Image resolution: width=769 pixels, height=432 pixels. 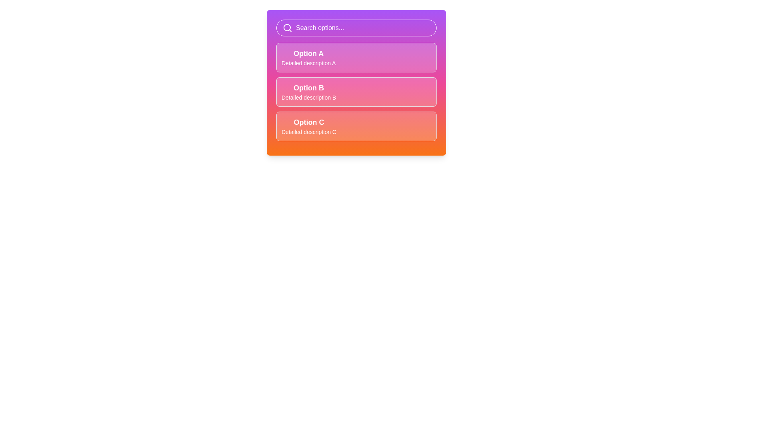 I want to click on the SVG-based icon that serves as a visual cue for the search bar, located at the top of the interface, aligned to the left edge of the input field, so click(x=288, y=27).